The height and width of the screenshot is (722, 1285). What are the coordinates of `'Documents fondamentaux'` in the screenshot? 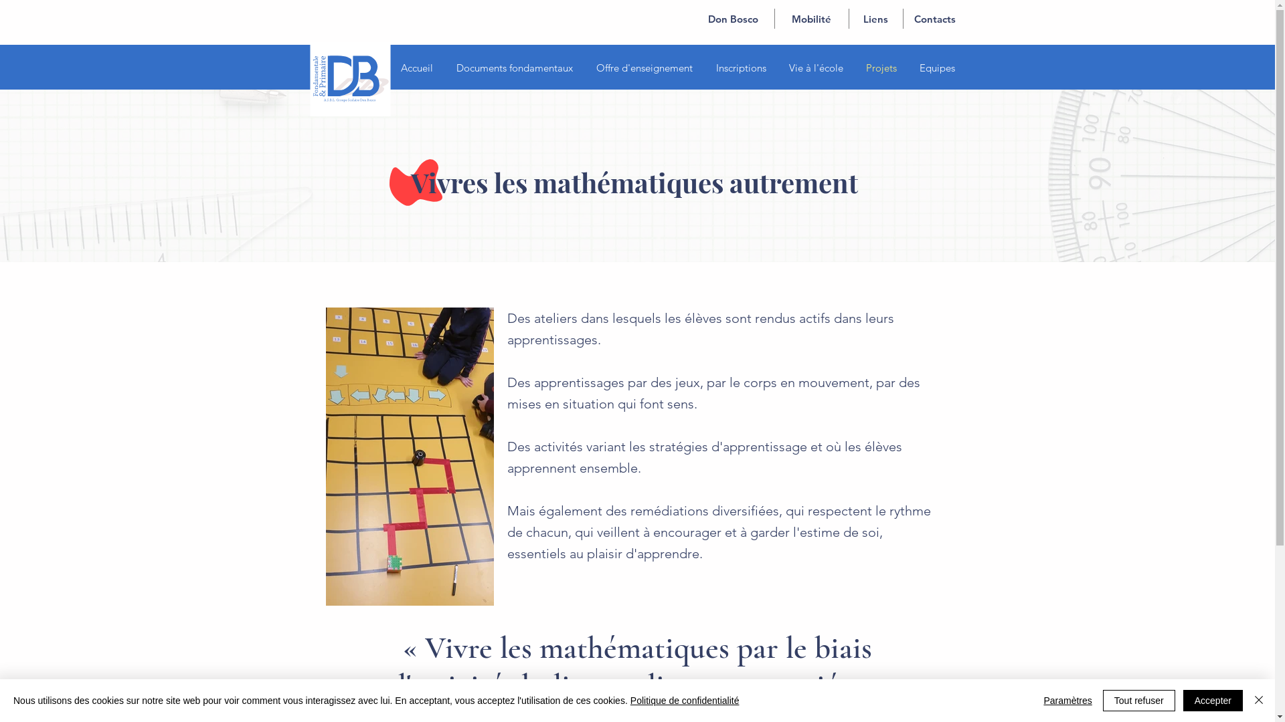 It's located at (513, 68).